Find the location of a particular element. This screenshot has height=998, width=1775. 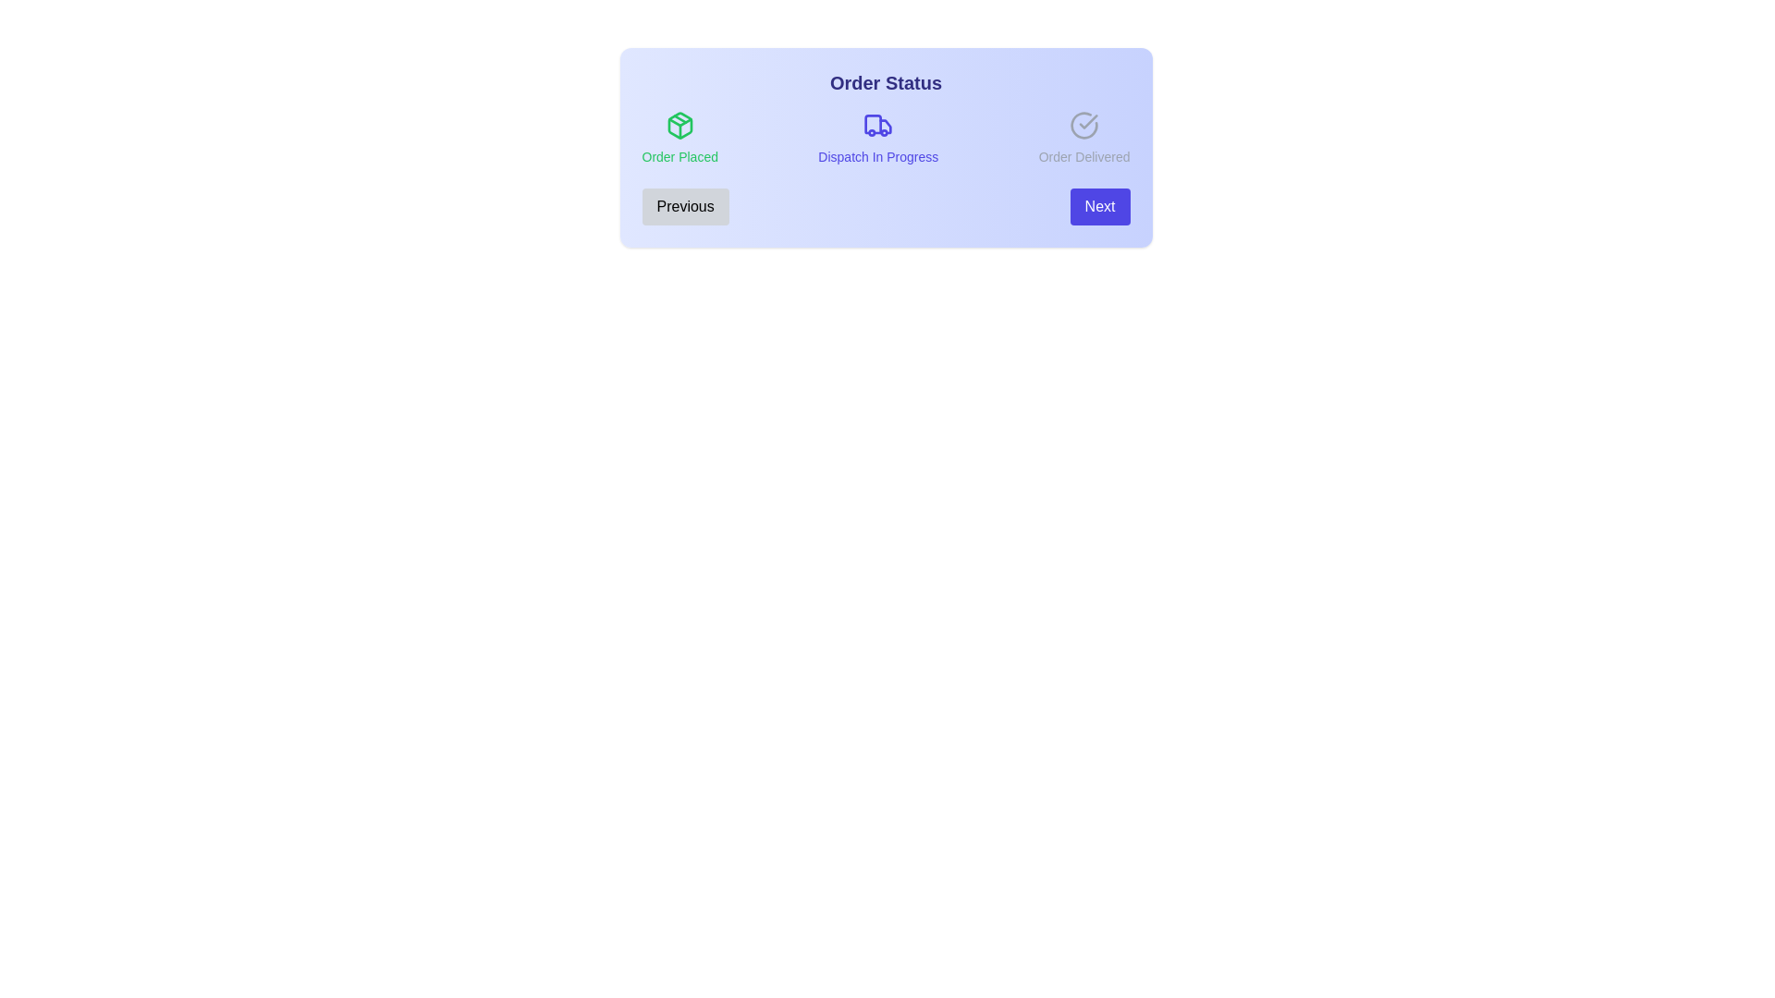

the downward-pointing triangular shape within the green-colored package icon representing the 'Order Placed' section in the progress tracker is located at coordinates (679, 122).